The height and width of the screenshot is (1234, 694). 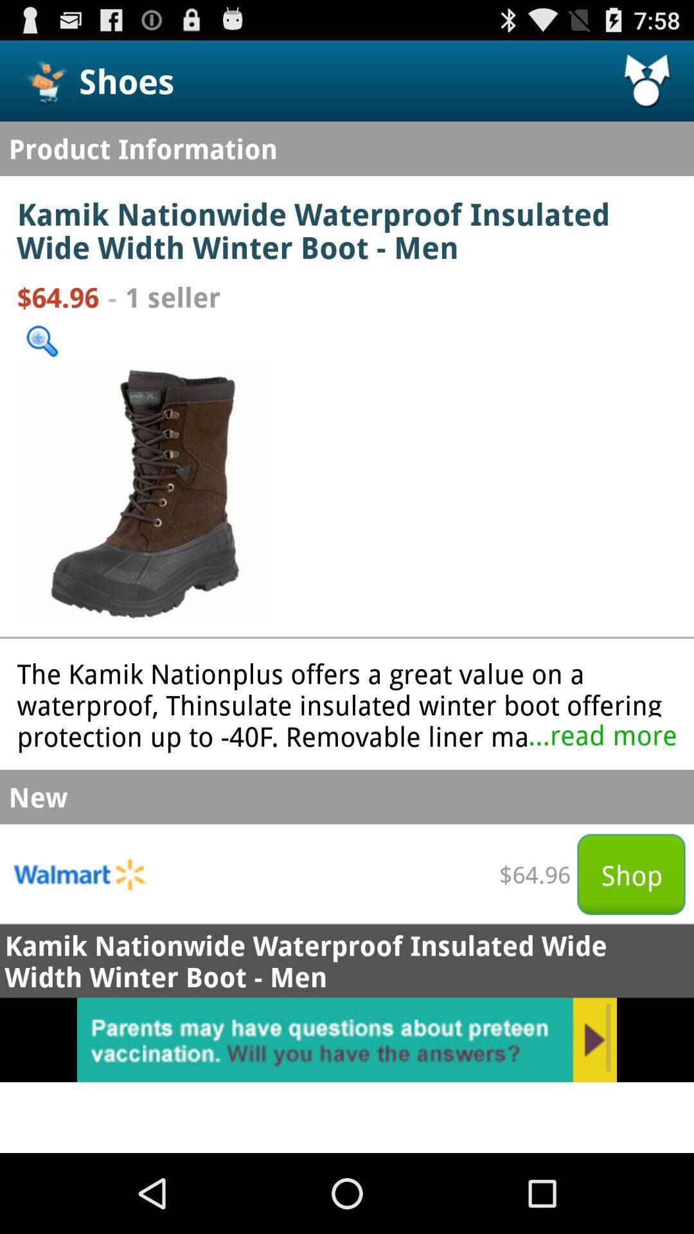 What do you see at coordinates (143, 492) in the screenshot?
I see `enlarges display image` at bounding box center [143, 492].